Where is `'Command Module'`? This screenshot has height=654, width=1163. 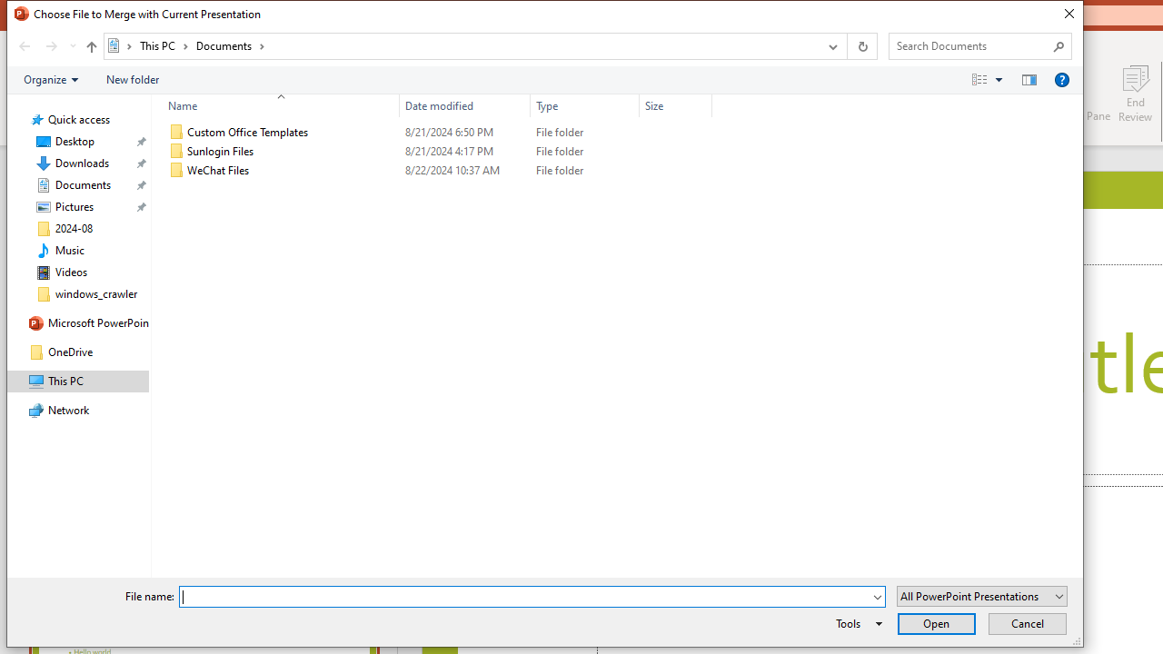 'Command Module' is located at coordinates (543, 79).